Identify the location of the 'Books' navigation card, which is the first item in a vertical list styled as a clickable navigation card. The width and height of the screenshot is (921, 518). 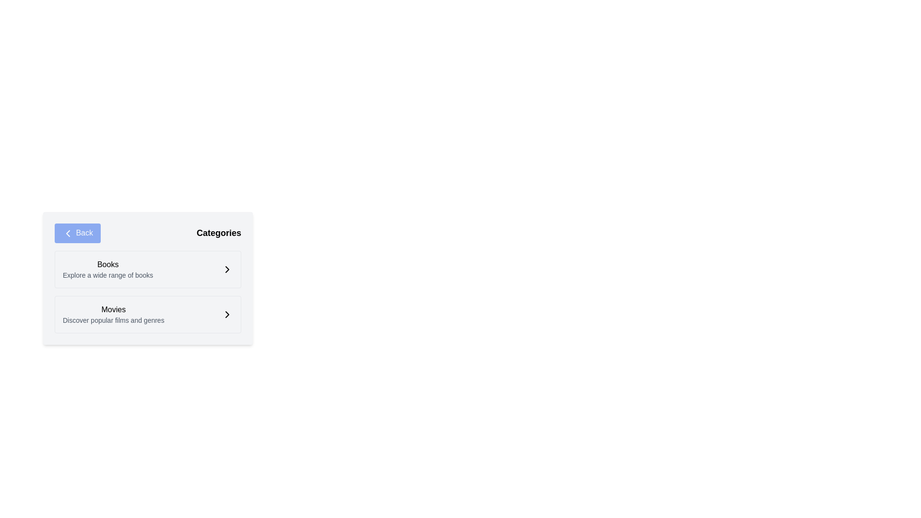
(147, 269).